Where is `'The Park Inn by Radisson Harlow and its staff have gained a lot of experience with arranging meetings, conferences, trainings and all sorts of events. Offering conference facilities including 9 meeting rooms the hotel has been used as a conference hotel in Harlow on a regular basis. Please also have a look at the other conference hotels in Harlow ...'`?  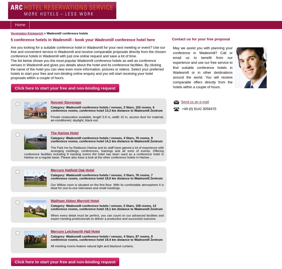 'The Park Inn by Radisson Harlow and its staff have gained a lot of experience with arranging meetings, conferences, trainings and all sorts of events. Offering conference facilities including 9 meeting rooms the hotel has been used as a conference hotel in Harlow on a regular basis. Please also have a look at the other conference hotels in Harlow ...' is located at coordinates (93, 152).